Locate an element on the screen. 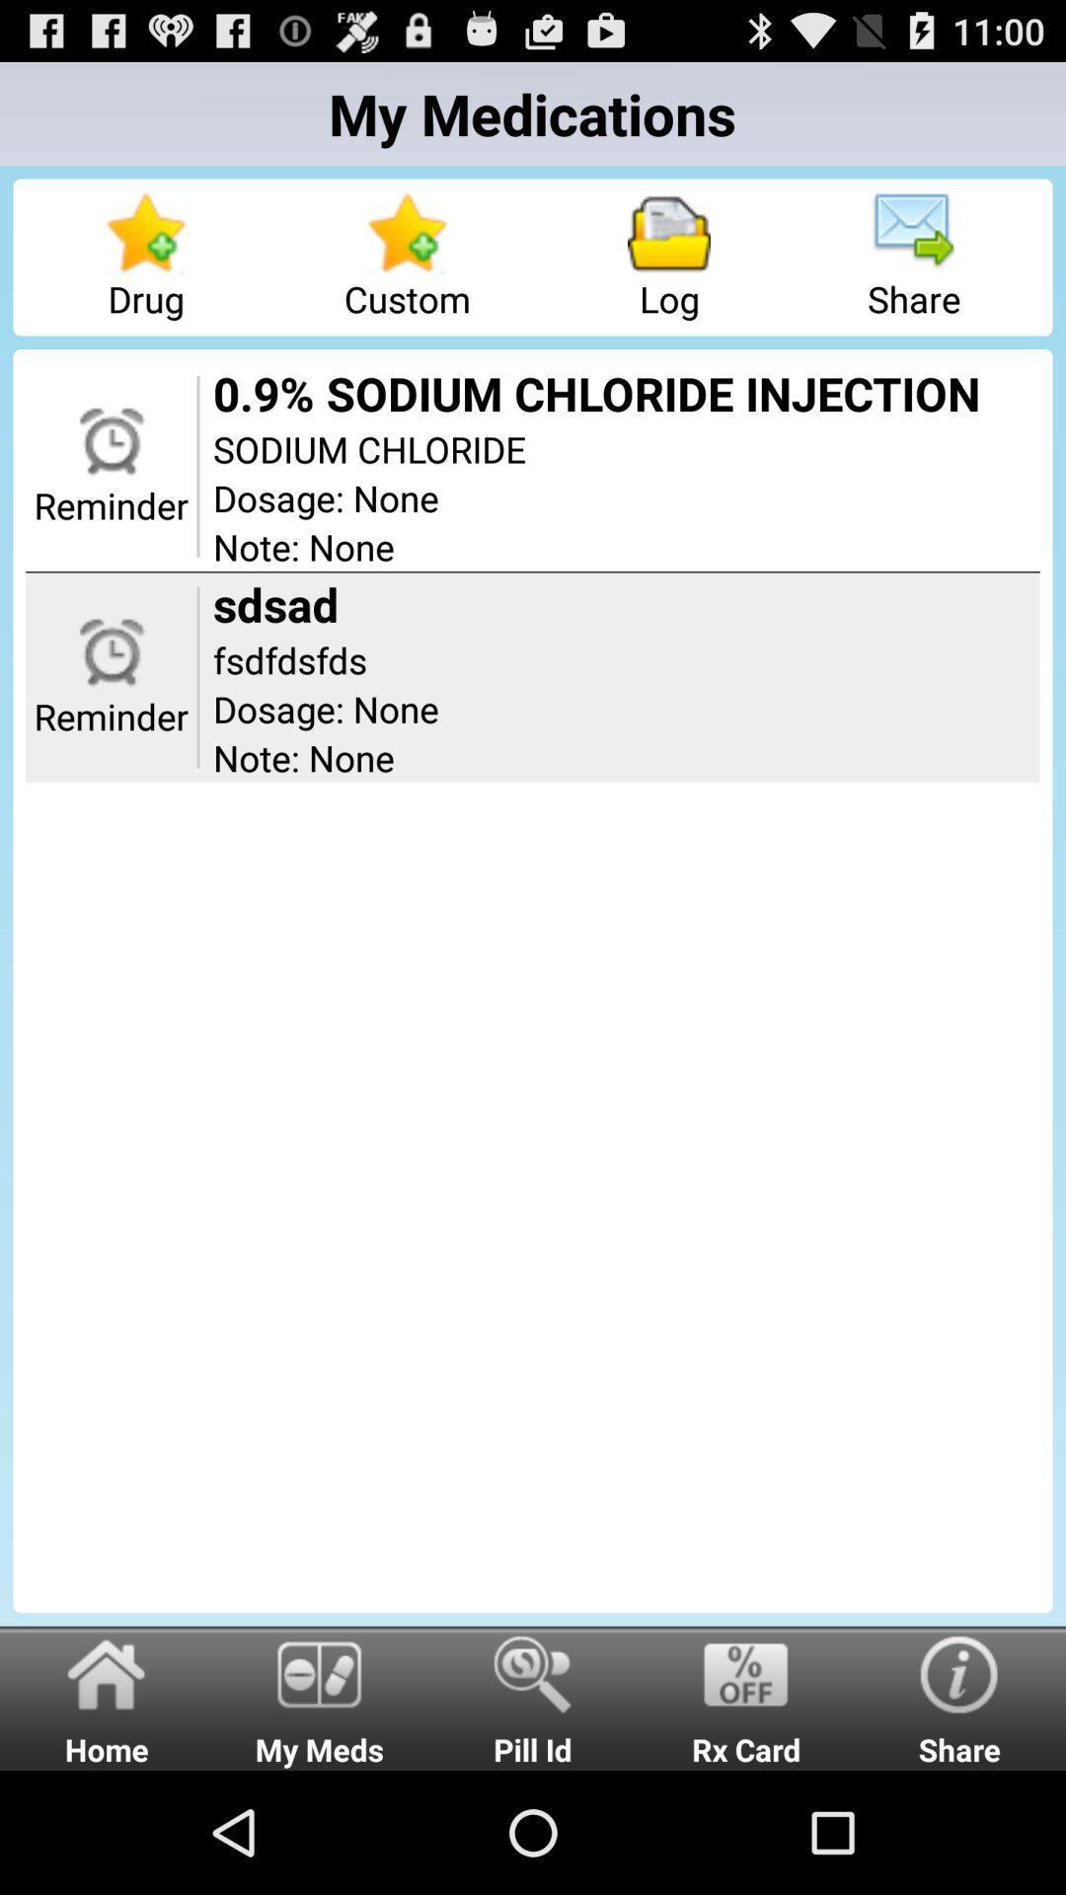 The height and width of the screenshot is (1895, 1066). the radio button to the right of the pill id radio button is located at coordinates (746, 1697).